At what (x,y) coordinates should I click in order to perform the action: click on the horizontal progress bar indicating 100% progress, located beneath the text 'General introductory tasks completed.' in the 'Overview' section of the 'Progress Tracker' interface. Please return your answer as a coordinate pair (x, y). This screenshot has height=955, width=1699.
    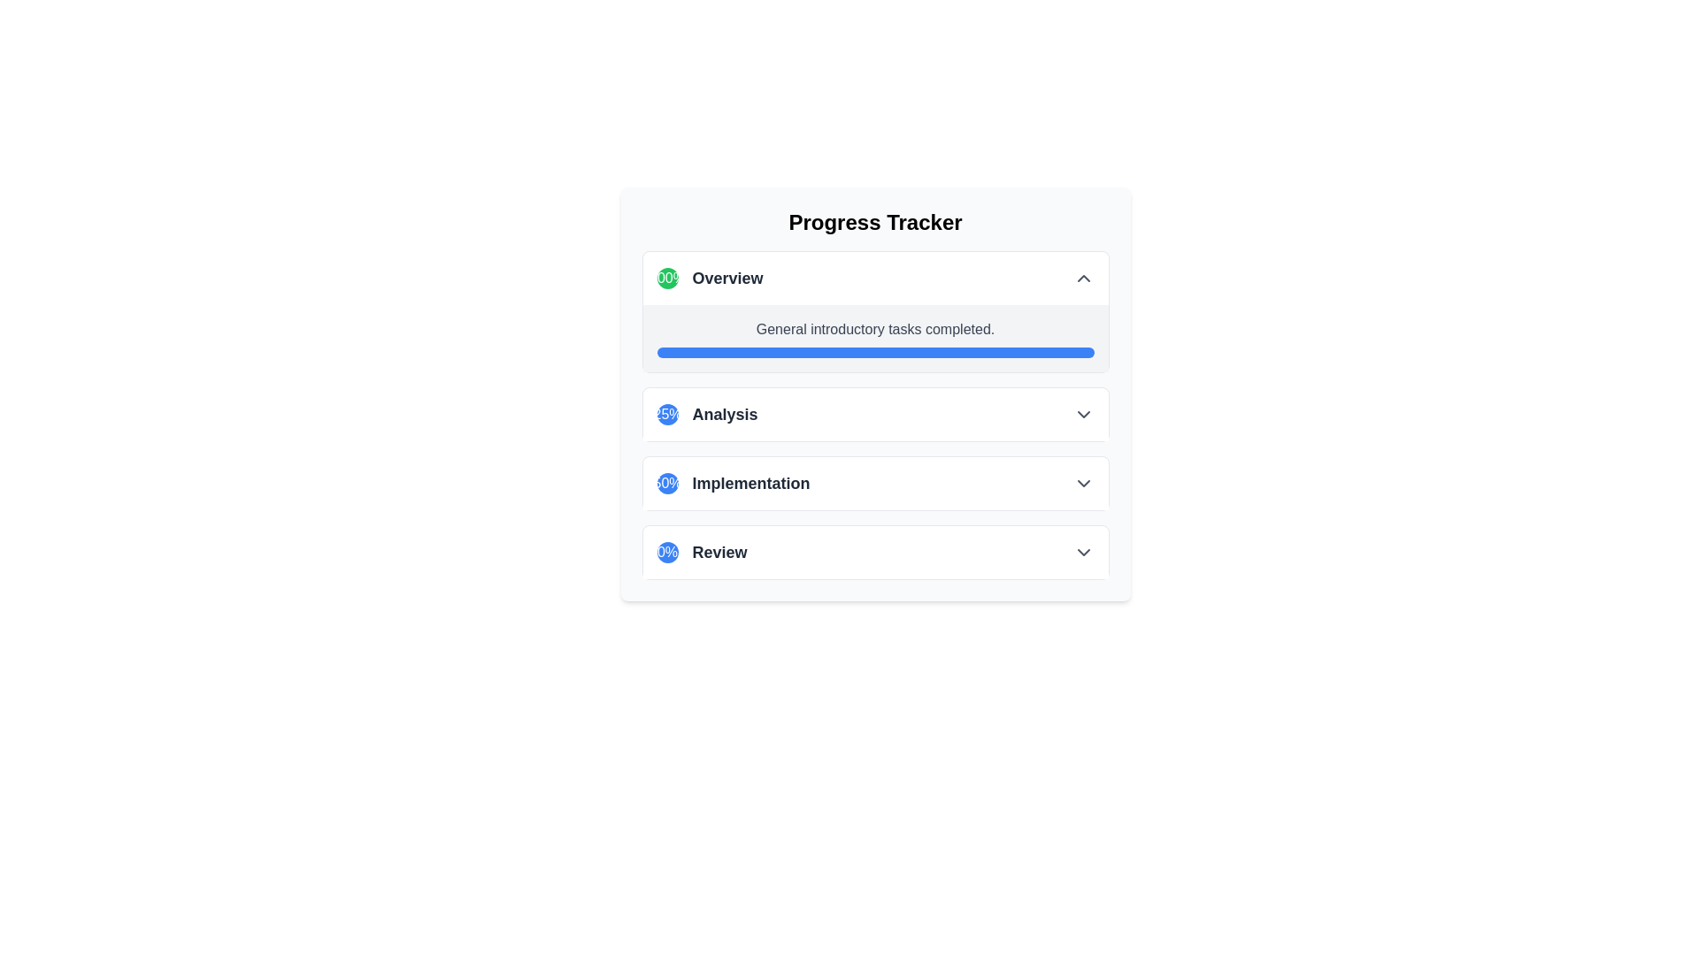
    Looking at the image, I should click on (875, 352).